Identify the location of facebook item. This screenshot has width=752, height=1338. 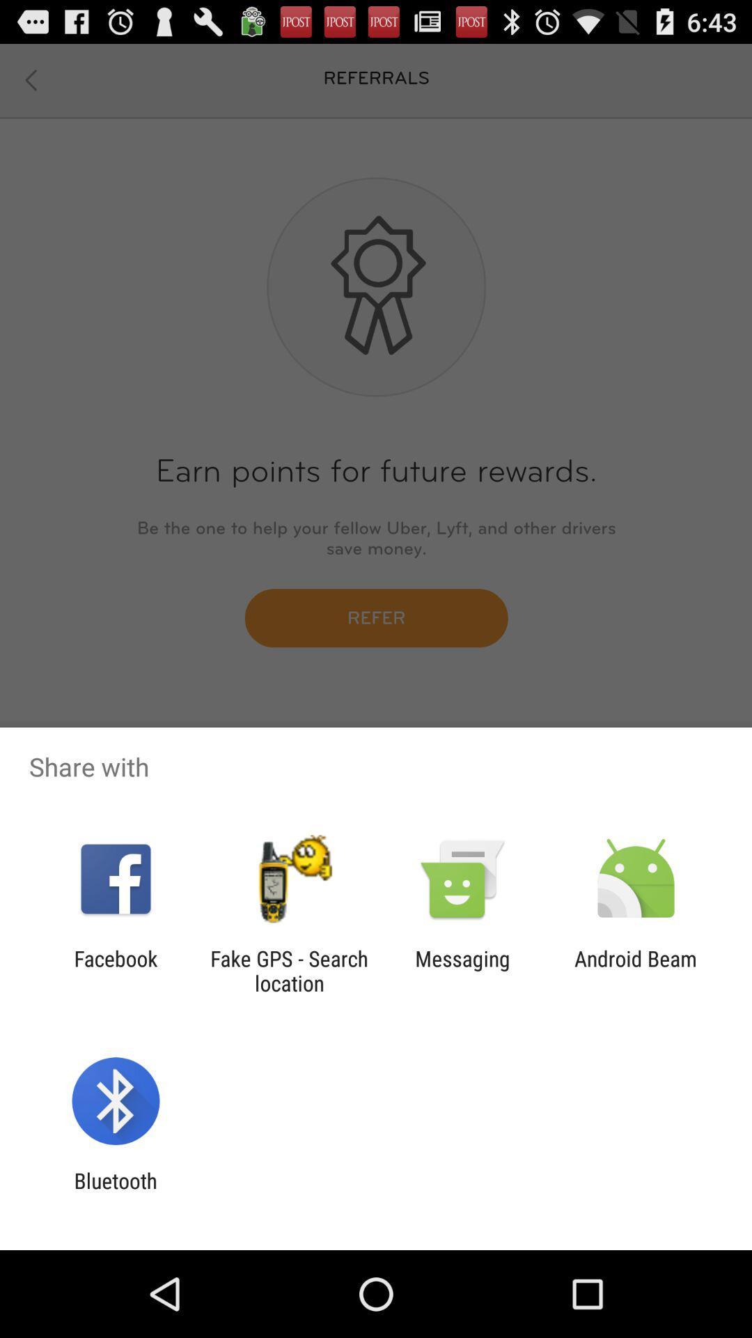
(115, 970).